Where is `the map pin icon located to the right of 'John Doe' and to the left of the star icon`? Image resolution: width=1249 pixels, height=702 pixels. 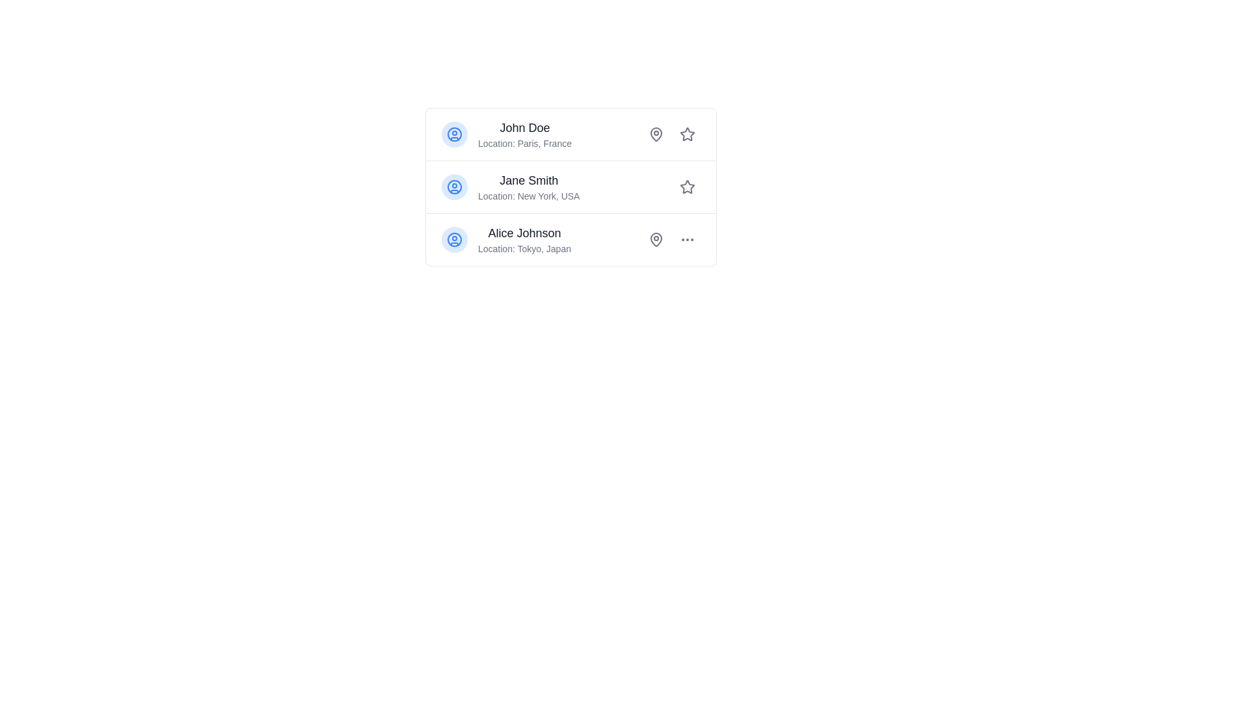
the map pin icon located to the right of 'John Doe' and to the left of the star icon is located at coordinates (656, 135).